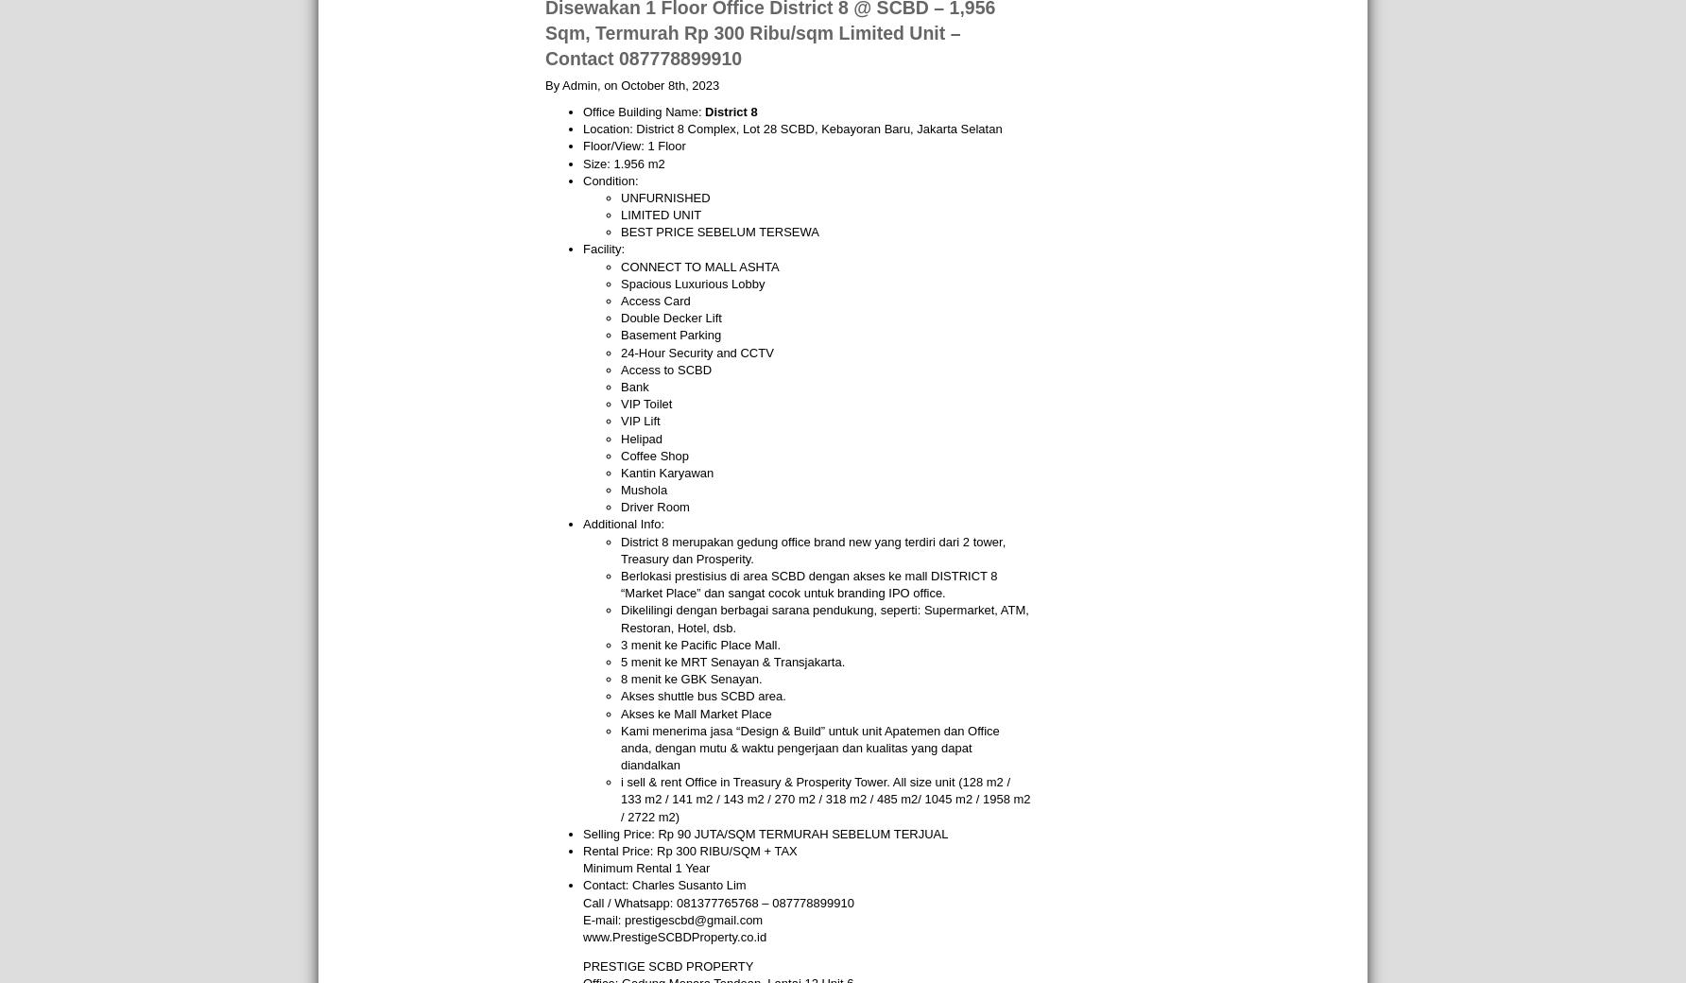 Image resolution: width=1686 pixels, height=983 pixels. I want to click on 'Rental Price: Rp 300 RIBU/SQM + TAX', so click(690, 850).